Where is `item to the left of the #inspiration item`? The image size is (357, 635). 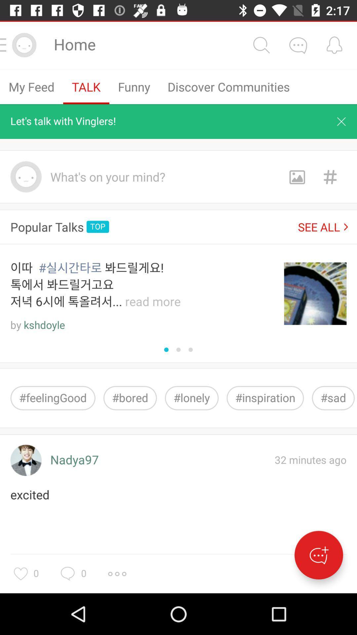 item to the left of the #inspiration item is located at coordinates (192, 398).